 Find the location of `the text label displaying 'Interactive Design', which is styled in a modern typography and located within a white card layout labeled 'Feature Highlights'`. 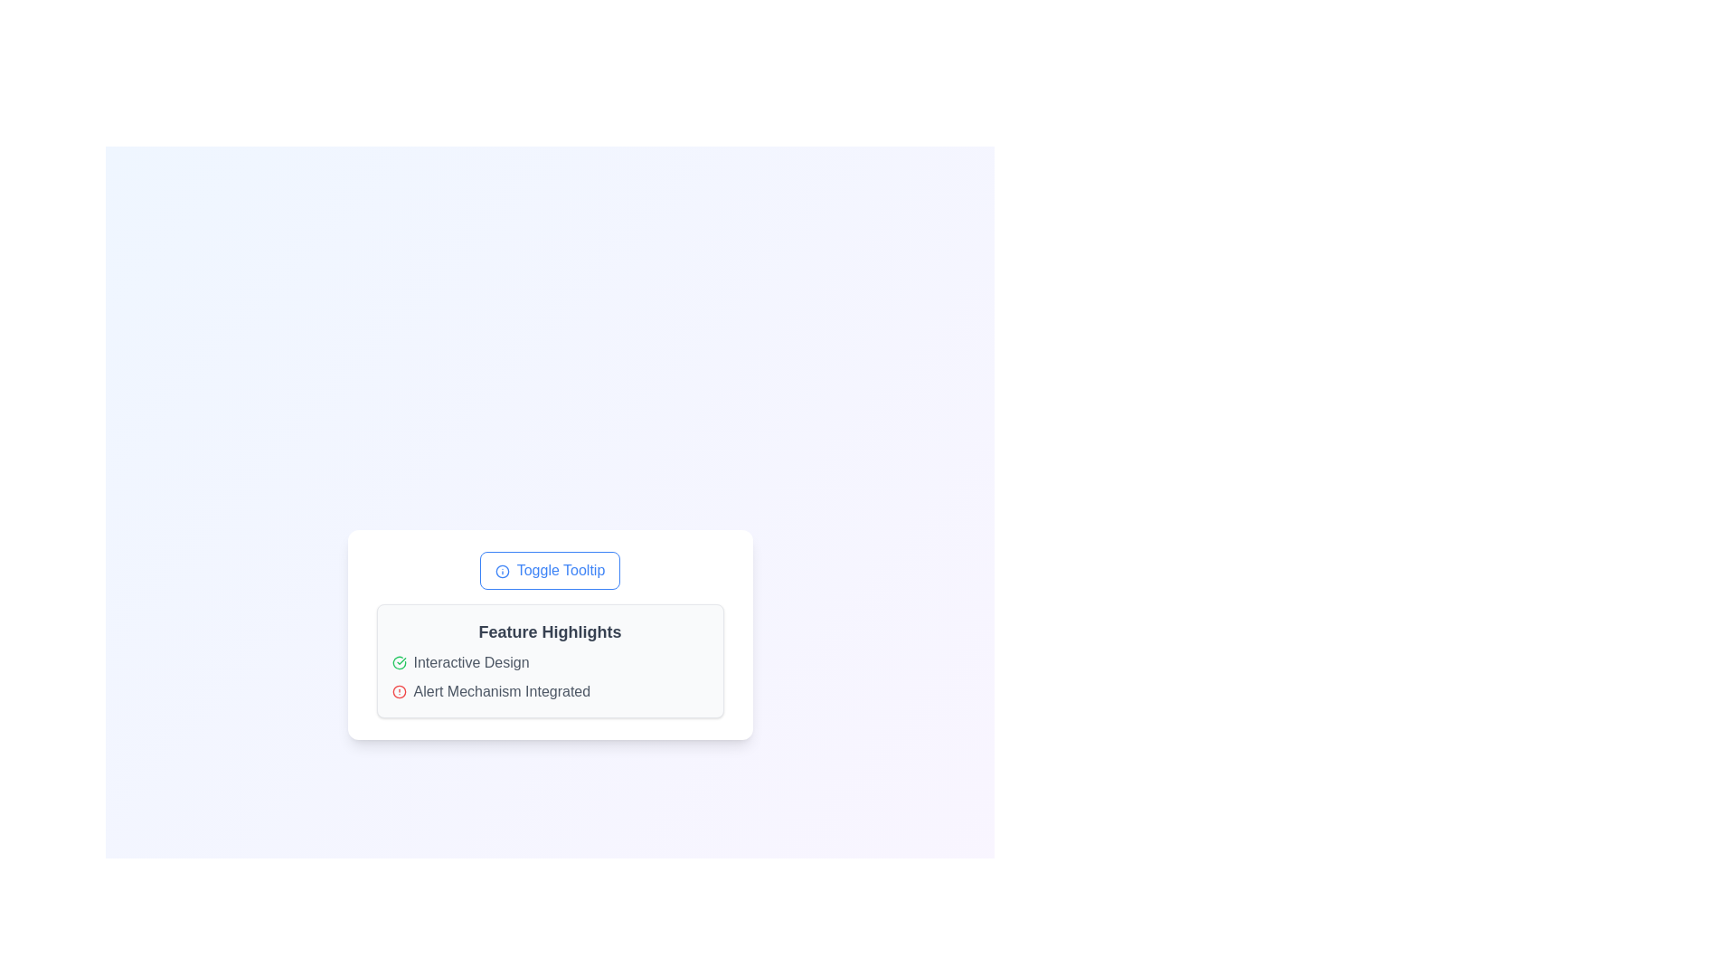

the text label displaying 'Interactive Design', which is styled in a modern typography and located within a white card layout labeled 'Feature Highlights' is located at coordinates (471, 662).